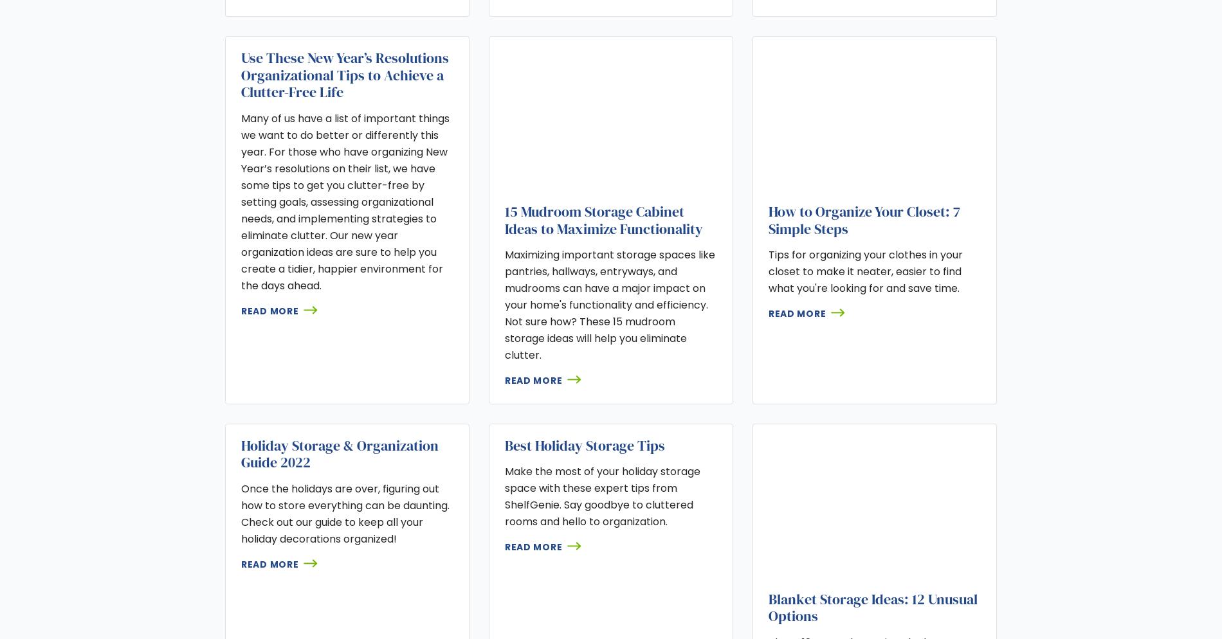 Image resolution: width=1222 pixels, height=639 pixels. I want to click on 'Best Holiday Storage Tips', so click(583, 445).